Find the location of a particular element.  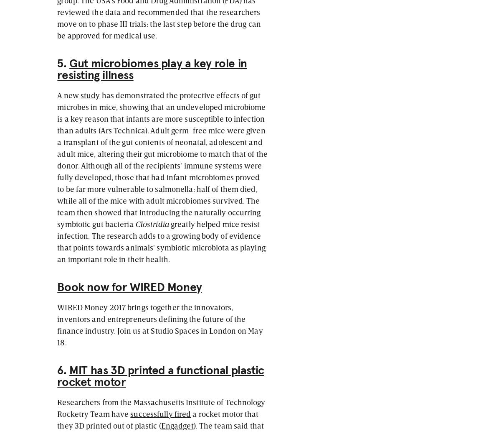

'Clostridia' is located at coordinates (152, 223).